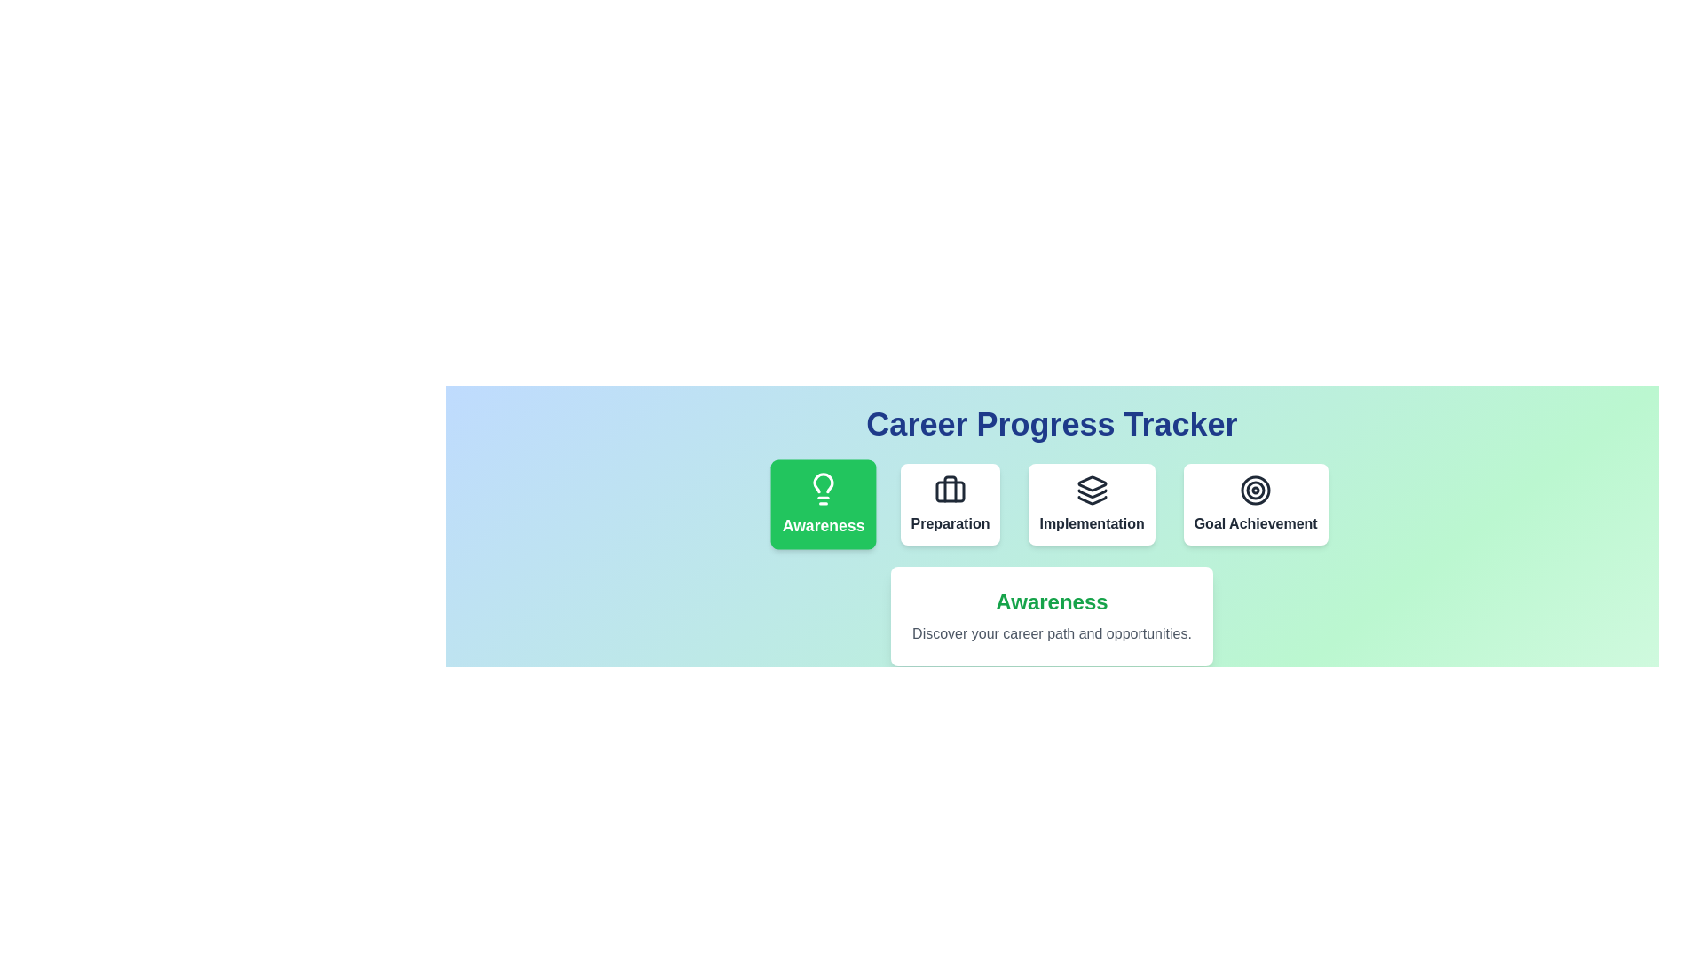 This screenshot has width=1704, height=958. Describe the element at coordinates (949, 505) in the screenshot. I see `the phase Preparation by clicking on its button` at that location.